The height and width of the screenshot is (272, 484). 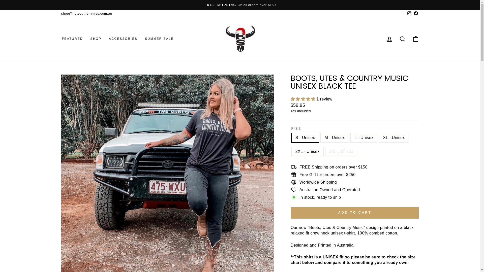 What do you see at coordinates (86, 13) in the screenshot?
I see `'shop@hotsouthernmiss.com.au'` at bounding box center [86, 13].